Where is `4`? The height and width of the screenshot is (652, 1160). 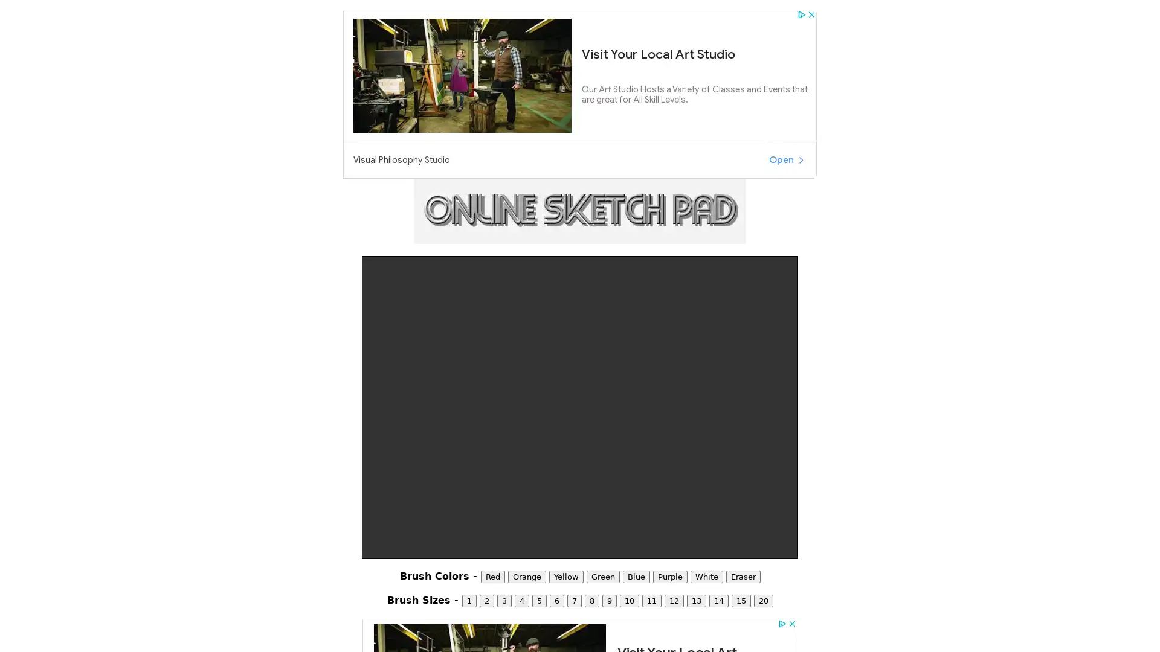 4 is located at coordinates (521, 601).